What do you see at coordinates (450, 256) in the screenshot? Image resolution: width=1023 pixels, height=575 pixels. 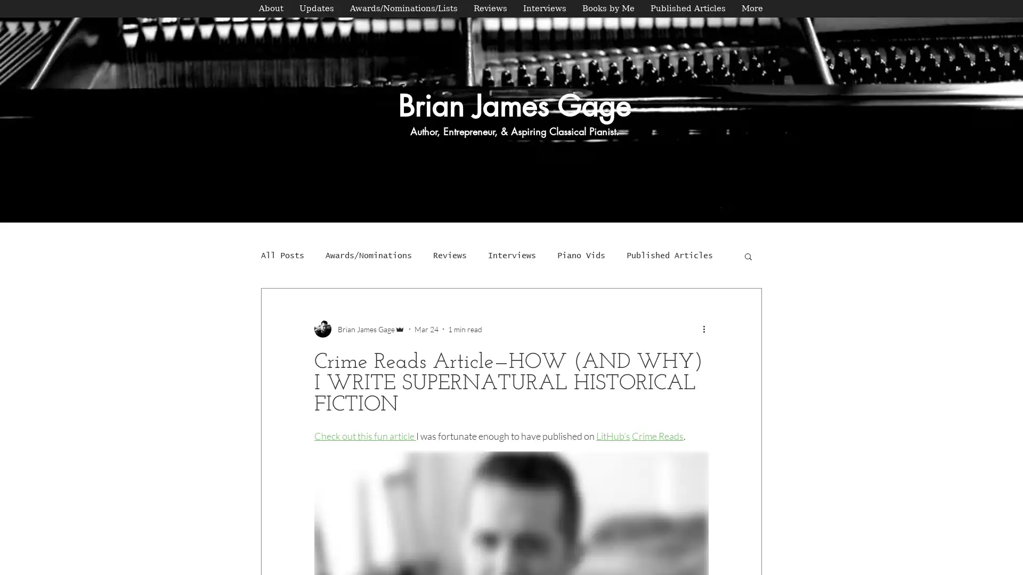 I see `Reviews` at bounding box center [450, 256].